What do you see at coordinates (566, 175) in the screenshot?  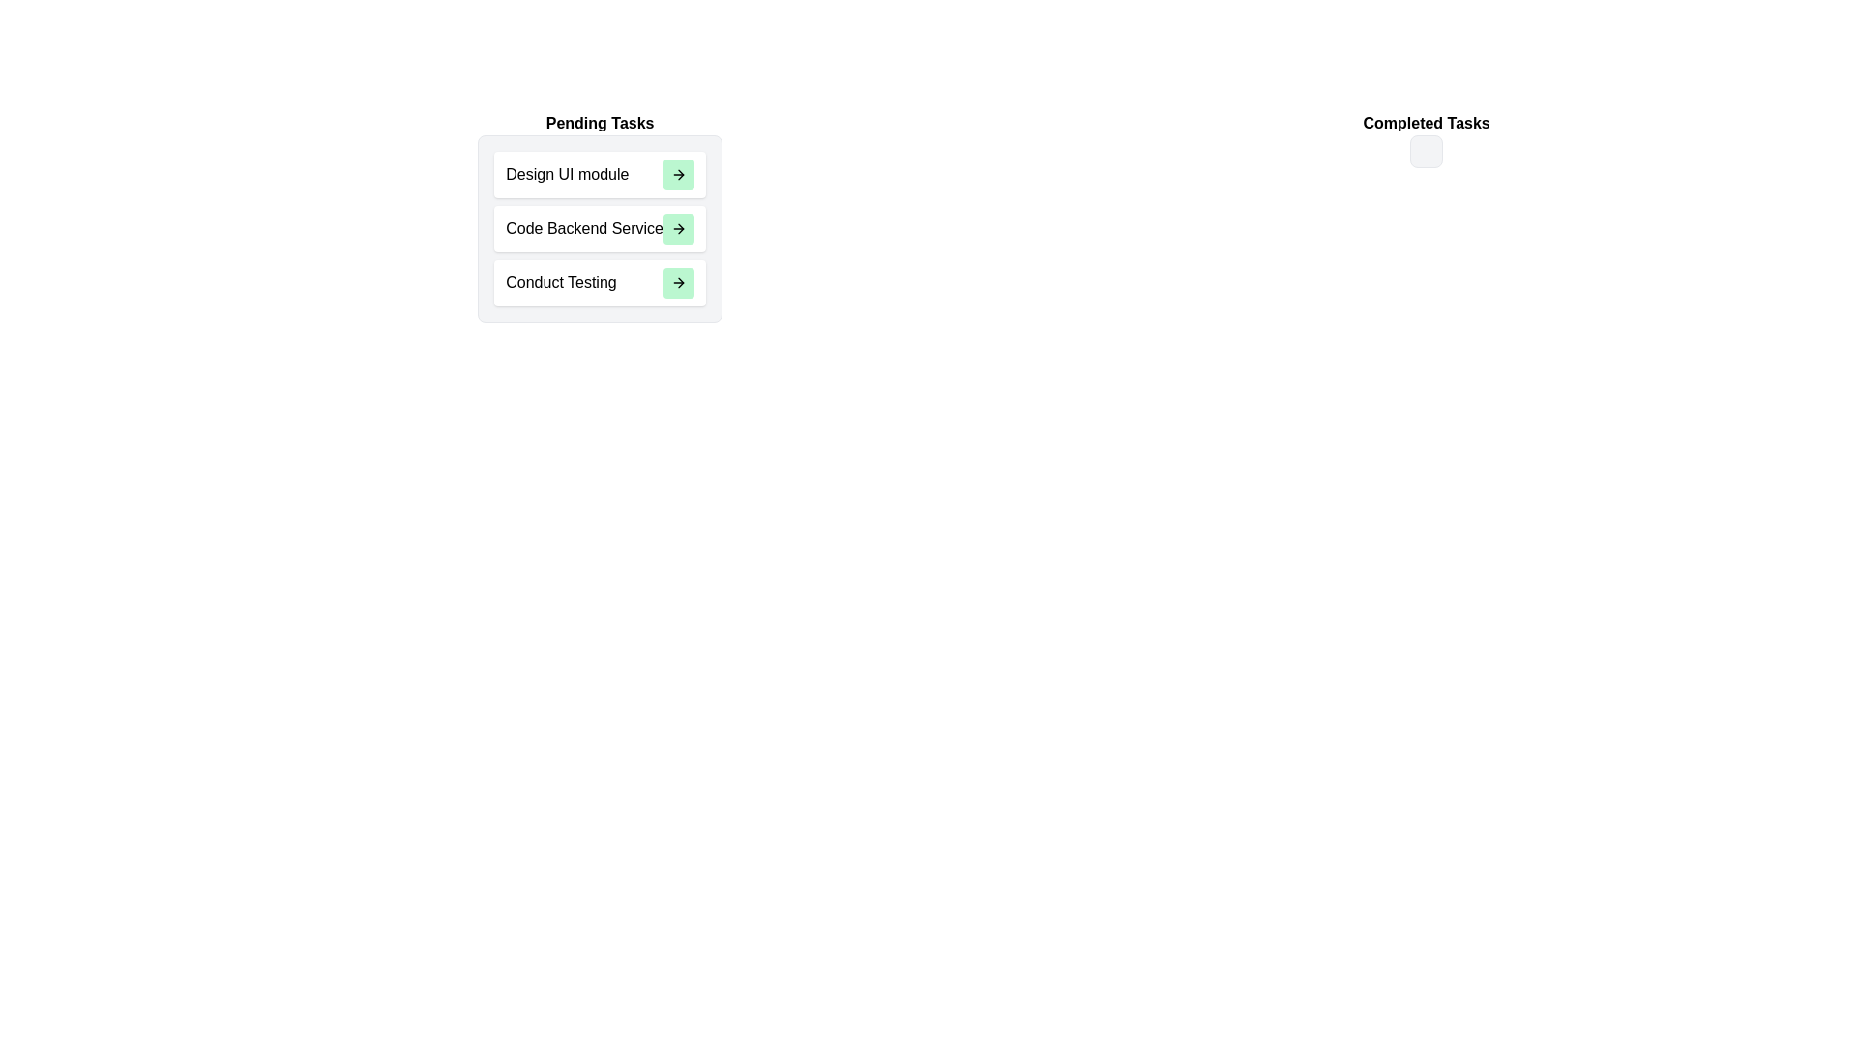 I see `the task name to highlight it` at bounding box center [566, 175].